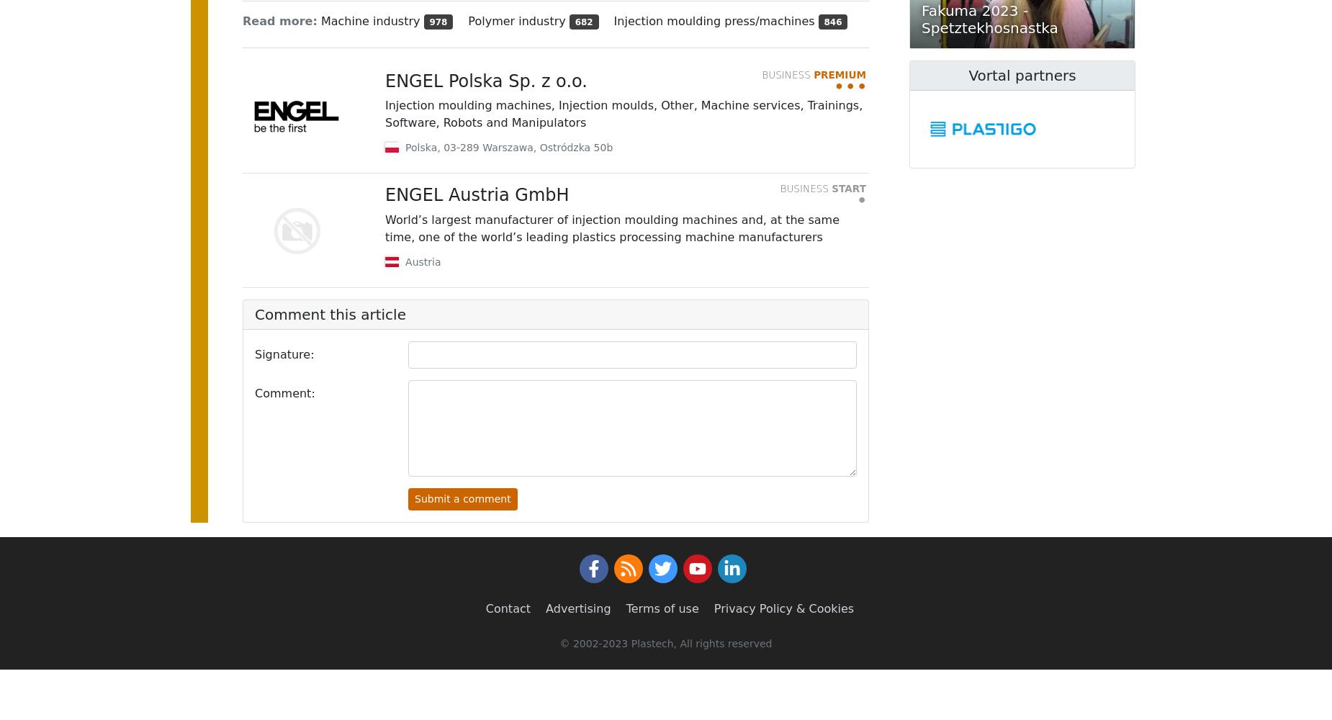  I want to click on 'ENGEL Austria GmbH', so click(477, 195).